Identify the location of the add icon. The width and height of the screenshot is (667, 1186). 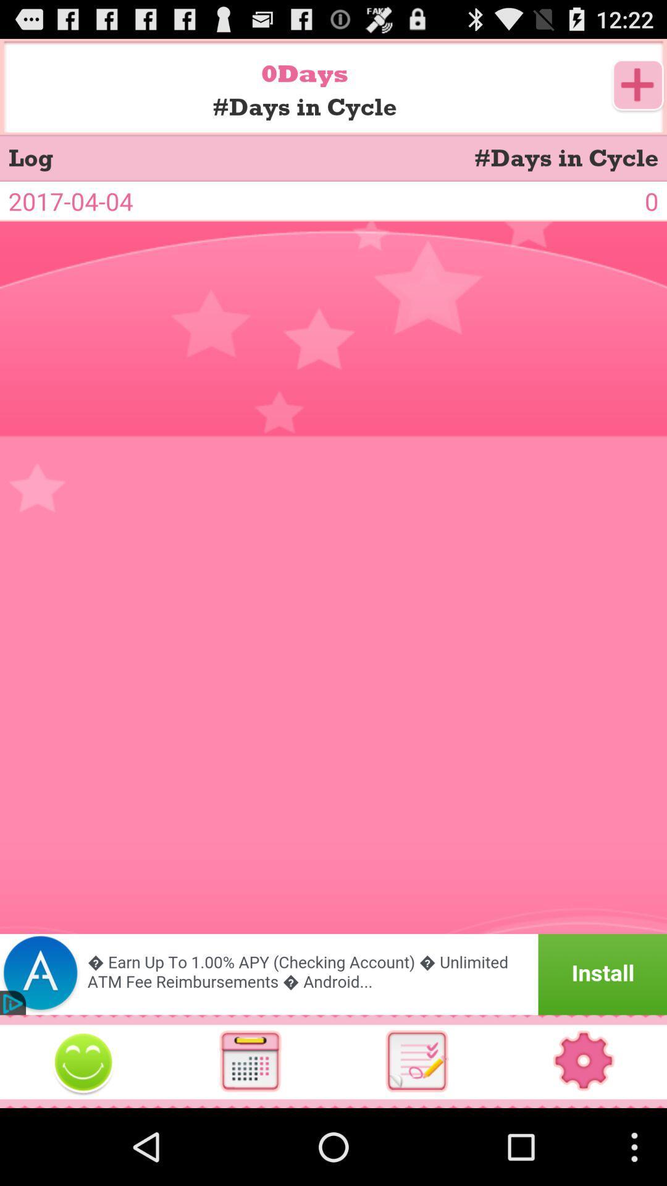
(638, 92).